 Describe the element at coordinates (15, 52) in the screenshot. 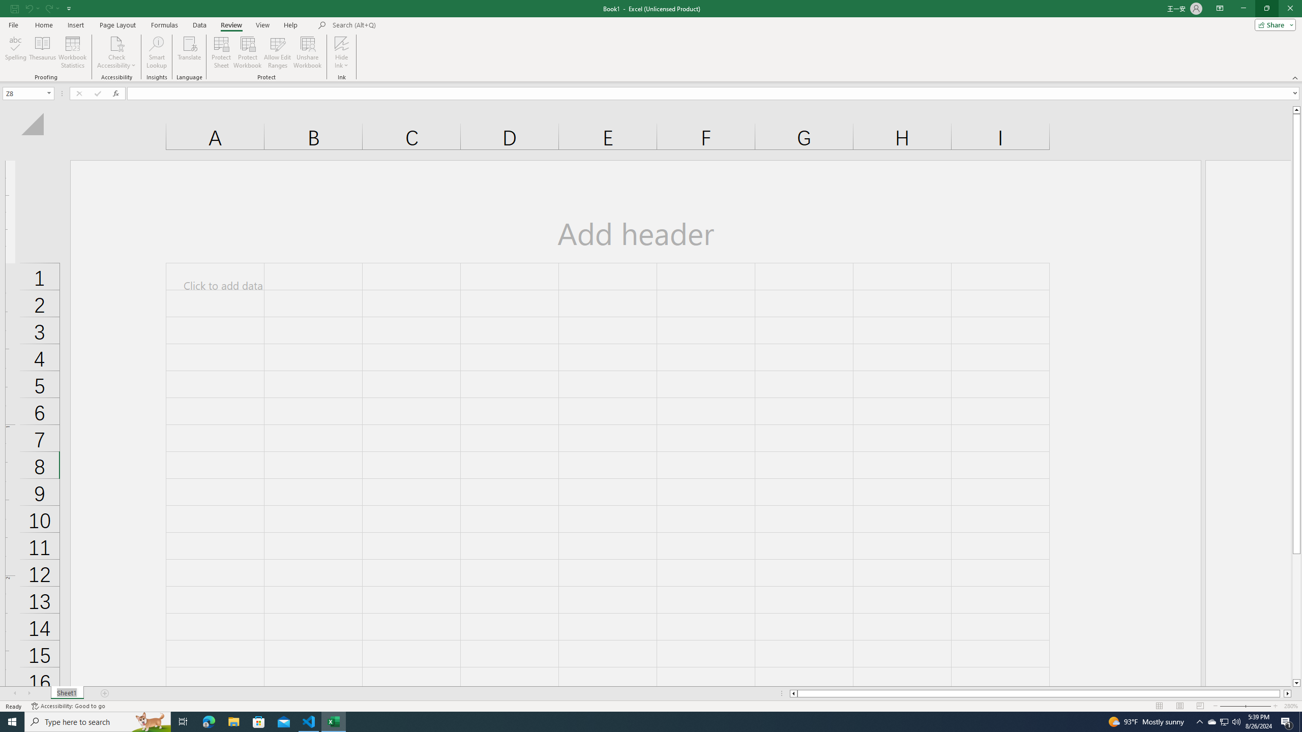

I see `'Spelling...'` at that location.